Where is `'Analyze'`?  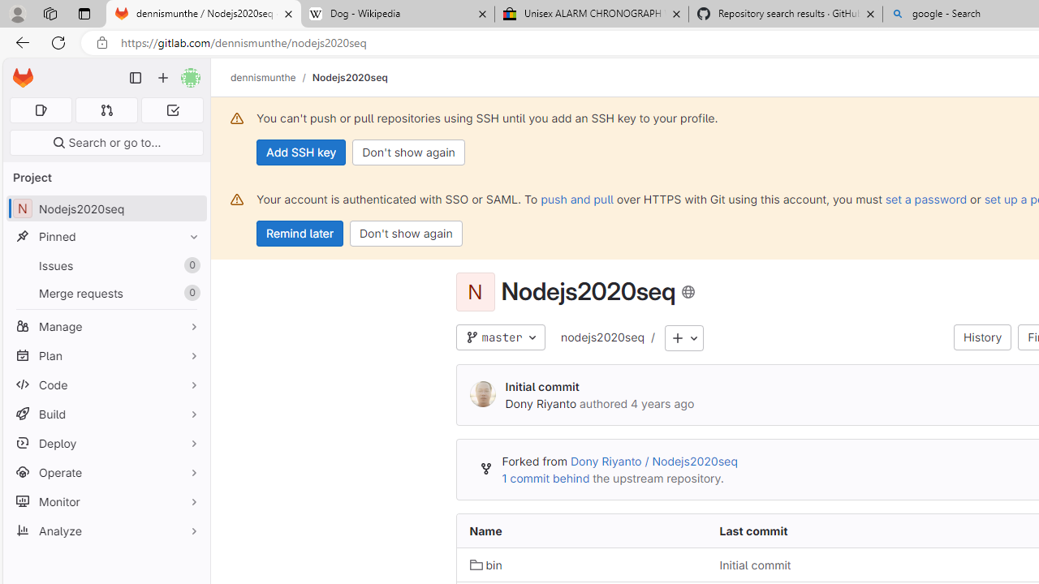
'Analyze' is located at coordinates (106, 530).